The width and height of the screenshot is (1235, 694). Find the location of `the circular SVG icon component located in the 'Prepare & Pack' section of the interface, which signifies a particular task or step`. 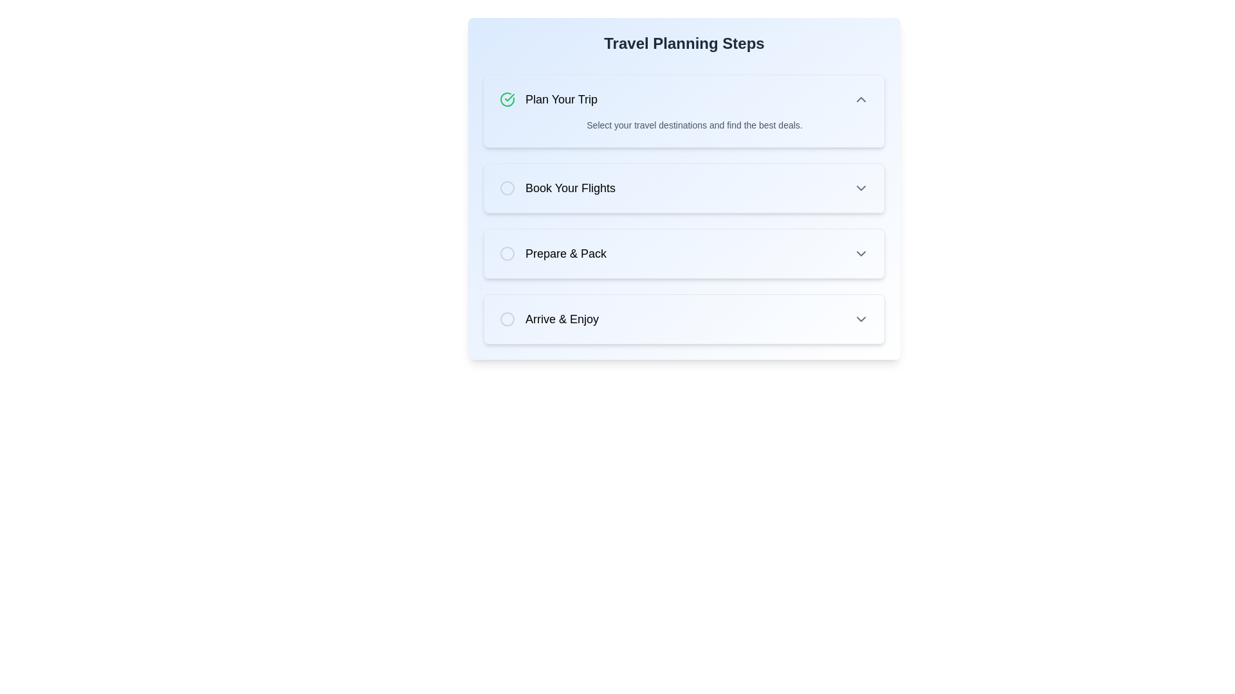

the circular SVG icon component located in the 'Prepare & Pack' section of the interface, which signifies a particular task or step is located at coordinates (506, 253).